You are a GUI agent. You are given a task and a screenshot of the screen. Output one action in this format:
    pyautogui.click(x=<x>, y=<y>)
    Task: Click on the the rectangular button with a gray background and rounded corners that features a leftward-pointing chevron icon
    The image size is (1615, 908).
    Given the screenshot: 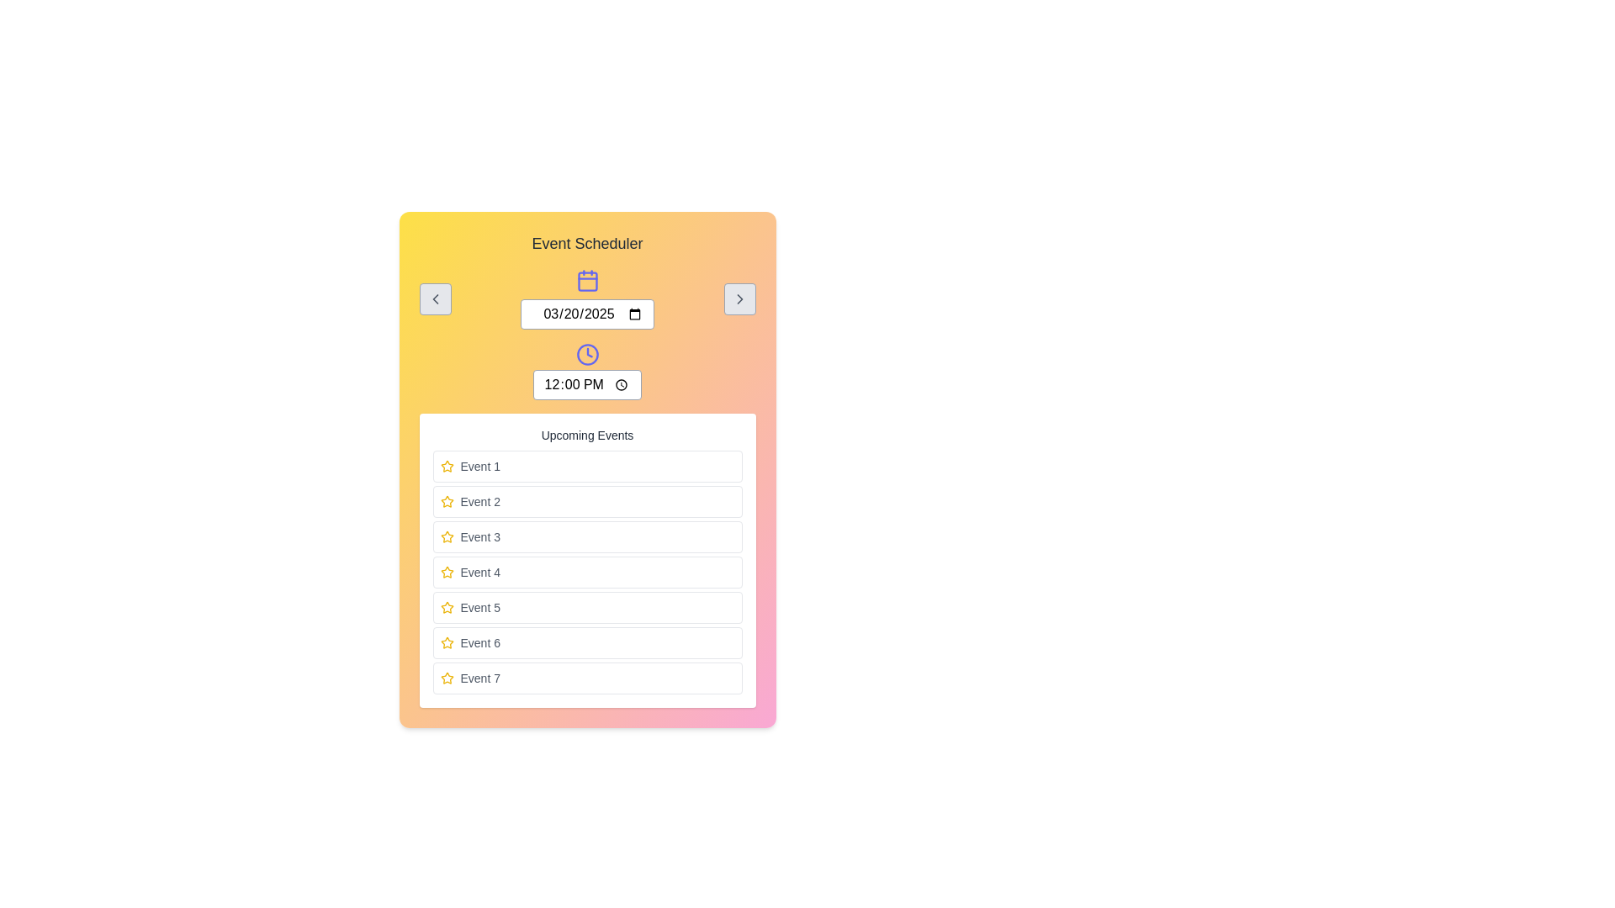 What is the action you would take?
    pyautogui.click(x=435, y=298)
    